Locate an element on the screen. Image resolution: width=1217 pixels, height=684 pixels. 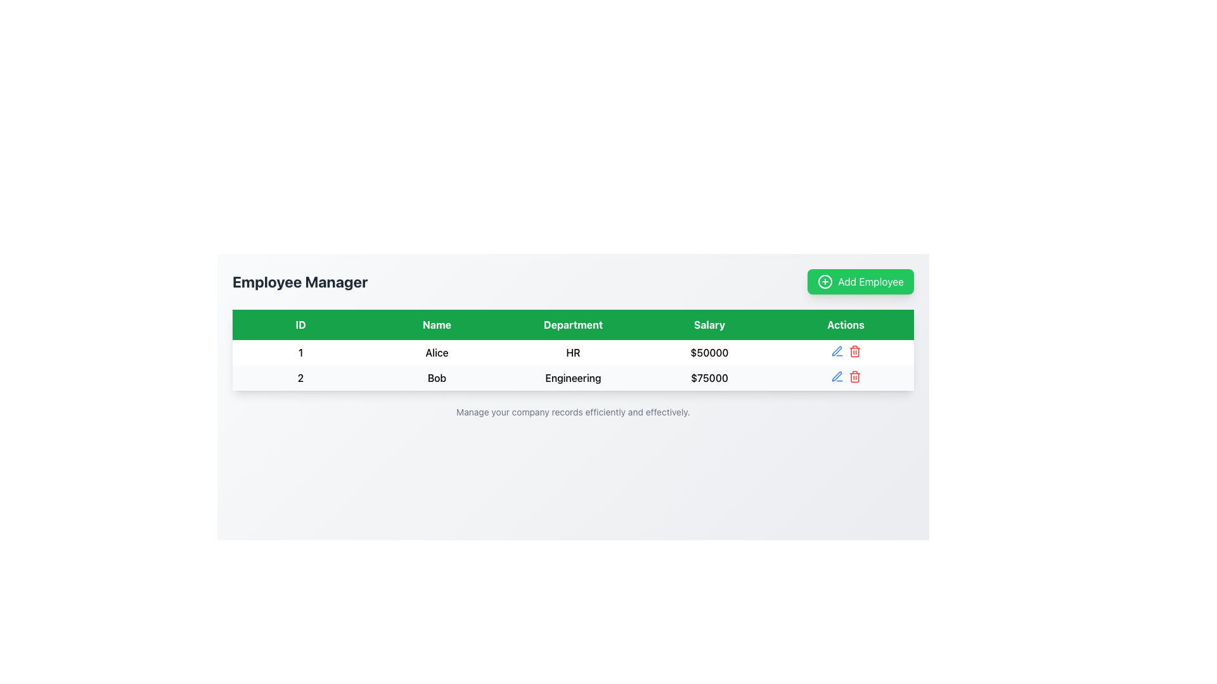
the 'Salary' text label, which is displayed in white on a green background and is the fourth column in the table header is located at coordinates (709, 324).